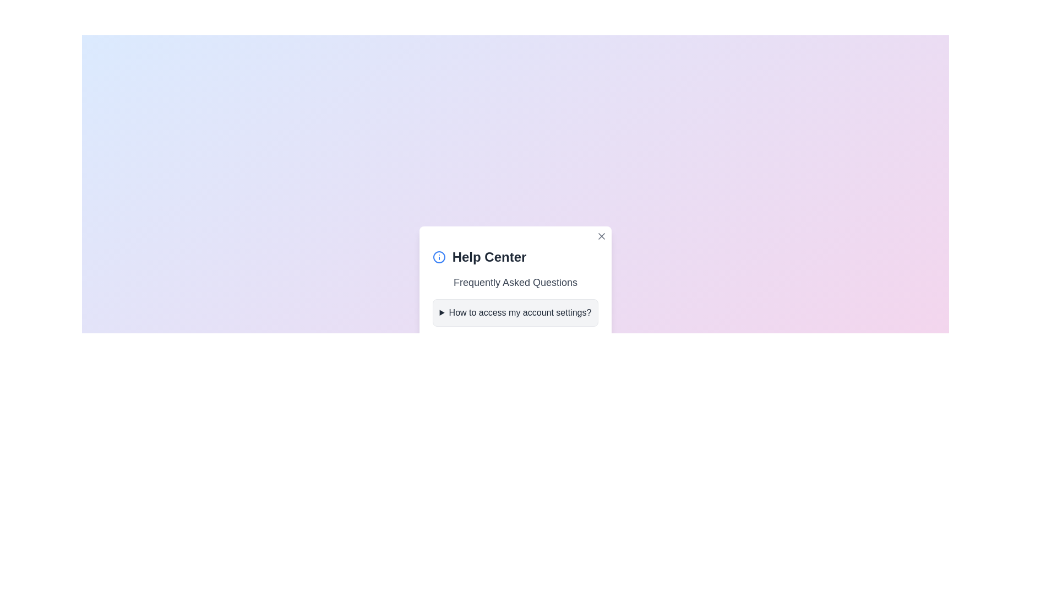  I want to click on the decorative icon (circle) located near the top left corner of the 'Help Center' dialog box, so click(438, 257).